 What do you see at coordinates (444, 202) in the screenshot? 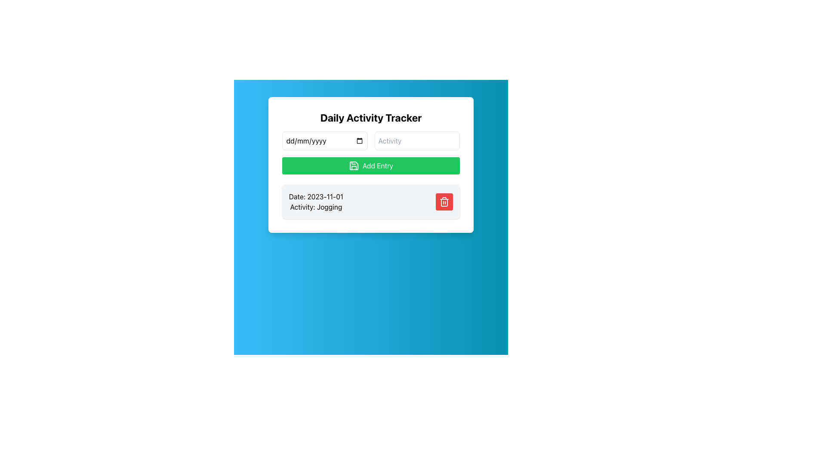
I see `the delete icon button located at the bottom-right of the 'Activity' entry displaying 'Date: 2023-11-01 Activity: Jogging'` at bounding box center [444, 202].